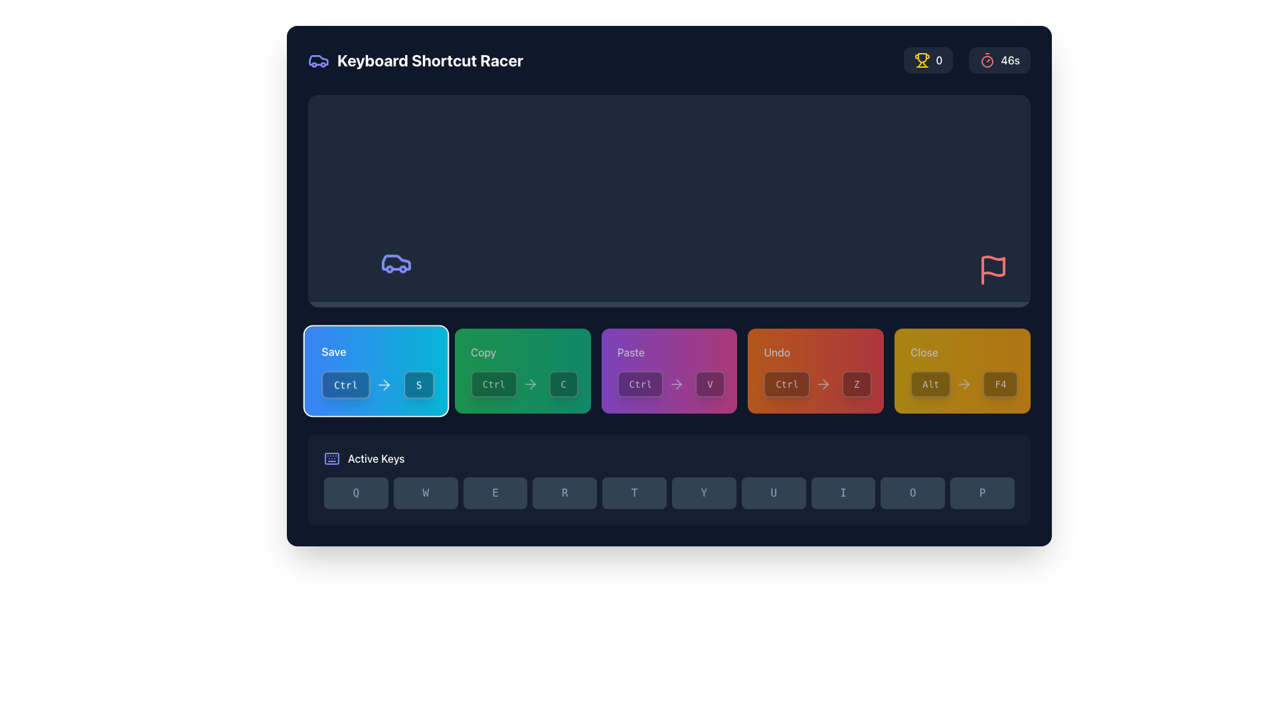 The height and width of the screenshot is (717, 1275). What do you see at coordinates (634, 493) in the screenshot?
I see `the button representing the letter 'T', which is the fifth button from the left in a horizontal grid of keys, likely used in a typing or shortcut-related interface` at bounding box center [634, 493].